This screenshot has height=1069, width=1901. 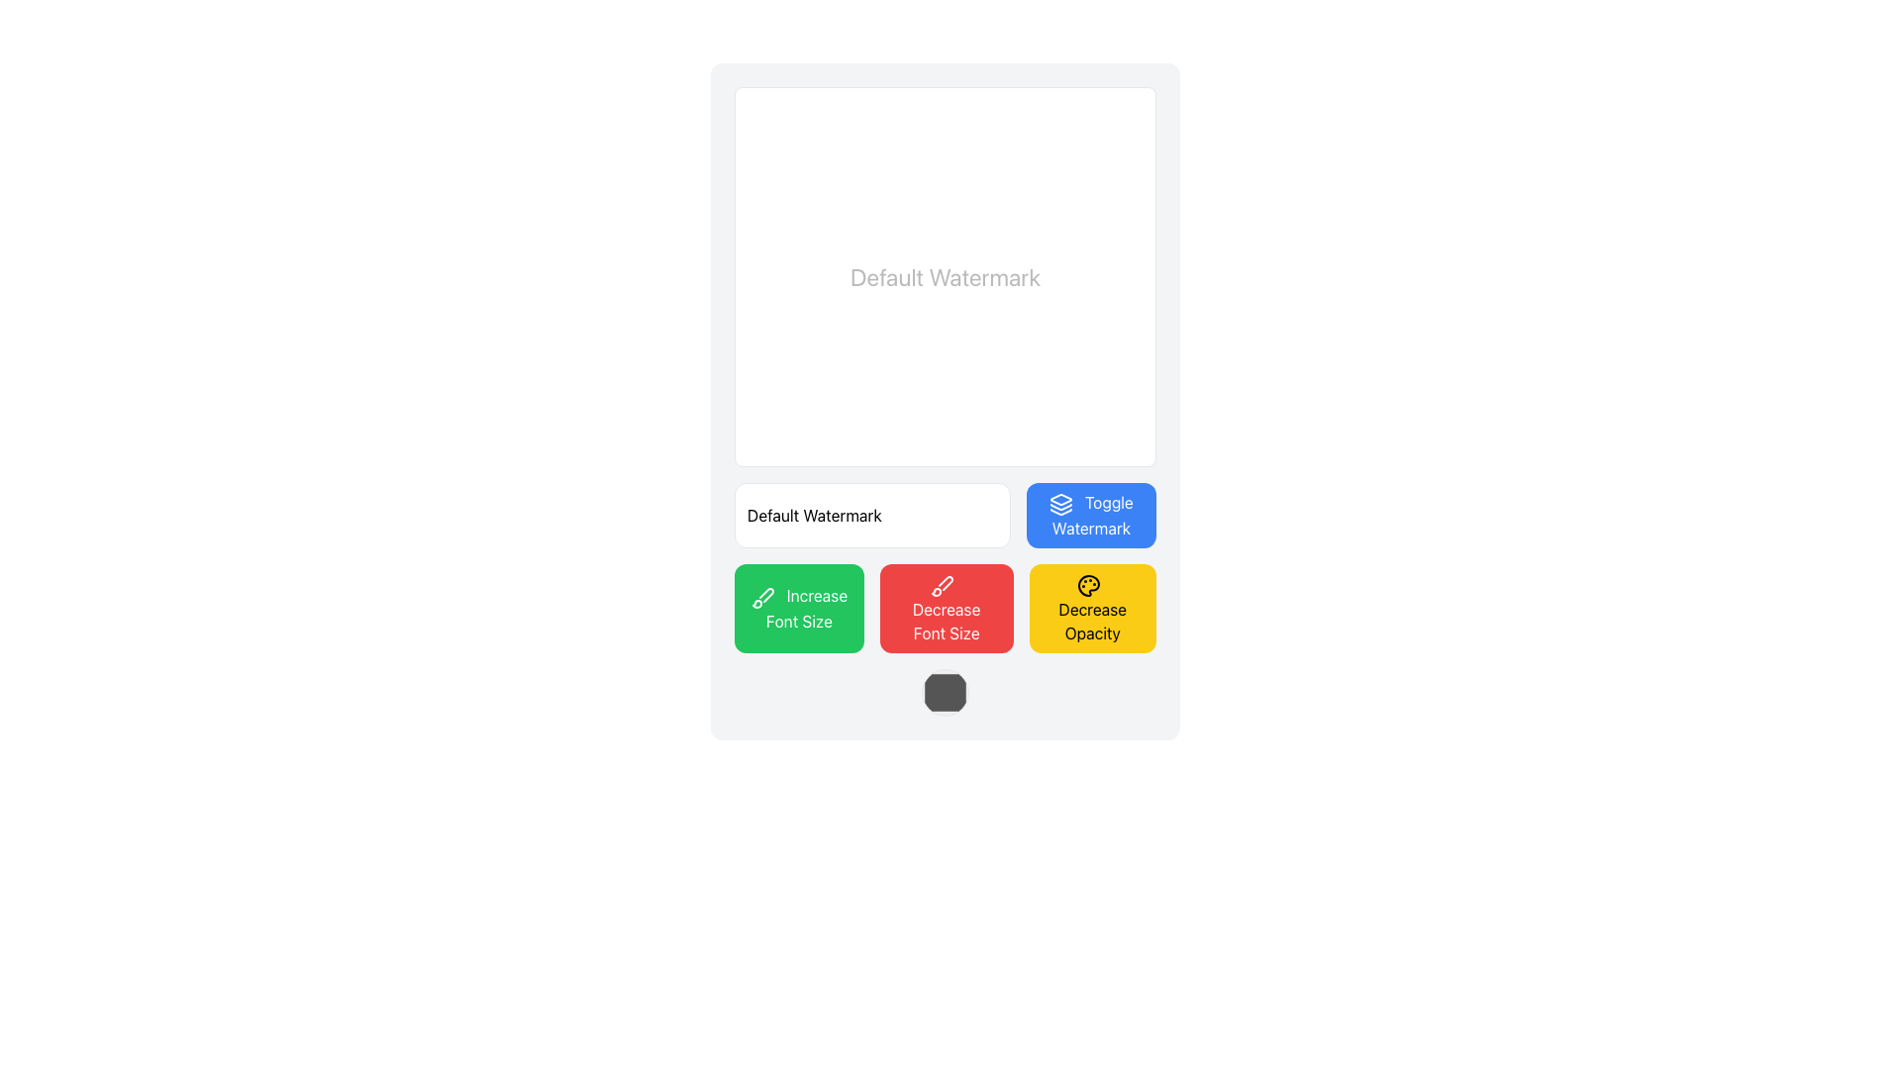 What do you see at coordinates (942, 584) in the screenshot?
I see `the SVG icon that indicates the 'Decrease Font Size' action, located between the 'Increase Font Size' button and the 'Decrease Opacity' button` at bounding box center [942, 584].